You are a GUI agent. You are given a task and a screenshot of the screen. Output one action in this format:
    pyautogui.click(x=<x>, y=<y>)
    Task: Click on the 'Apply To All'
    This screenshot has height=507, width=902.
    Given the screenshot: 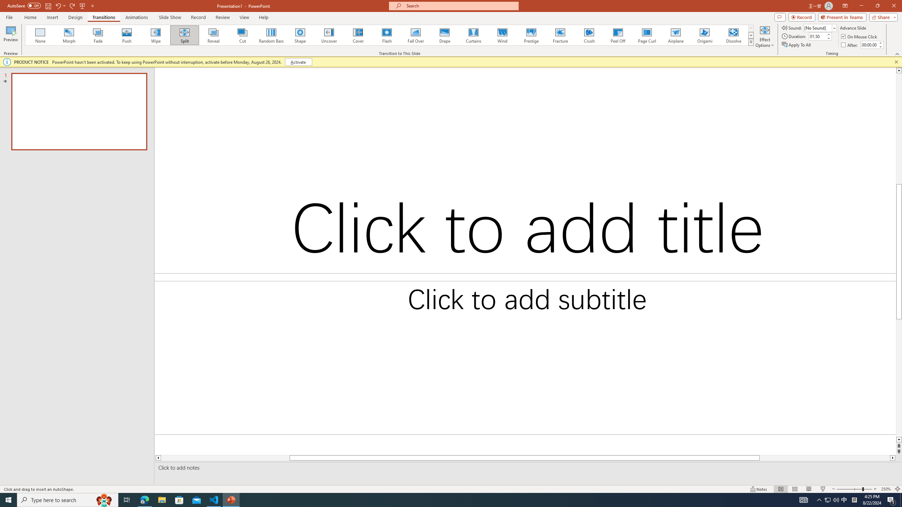 What is the action you would take?
    pyautogui.click(x=797, y=45)
    